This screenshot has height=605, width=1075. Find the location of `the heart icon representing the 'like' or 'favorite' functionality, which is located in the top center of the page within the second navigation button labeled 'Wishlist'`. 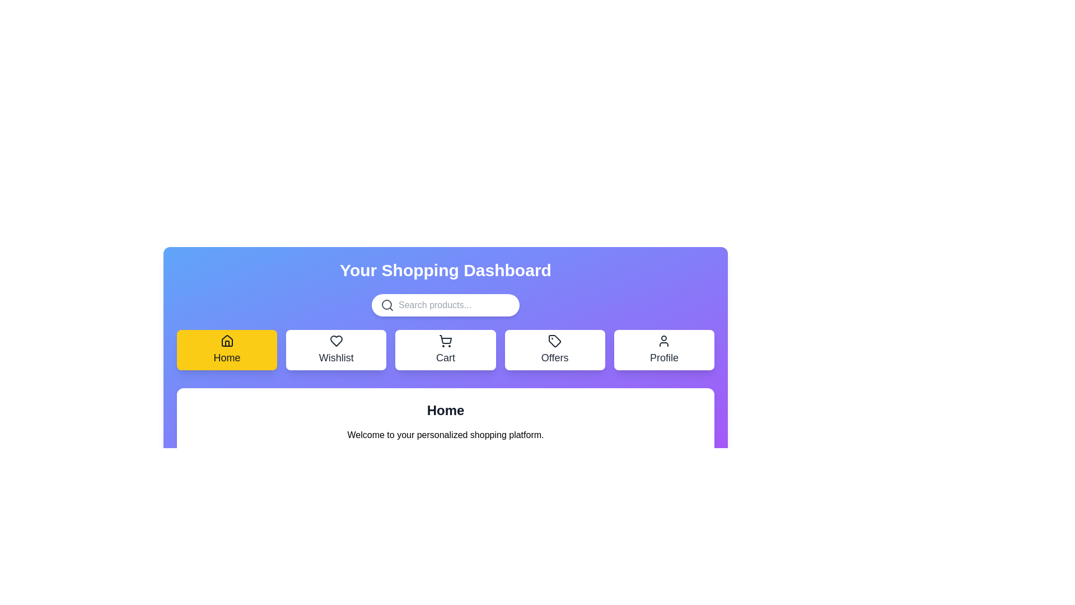

the heart icon representing the 'like' or 'favorite' functionality, which is located in the top center of the page within the second navigation button labeled 'Wishlist' is located at coordinates (335, 341).